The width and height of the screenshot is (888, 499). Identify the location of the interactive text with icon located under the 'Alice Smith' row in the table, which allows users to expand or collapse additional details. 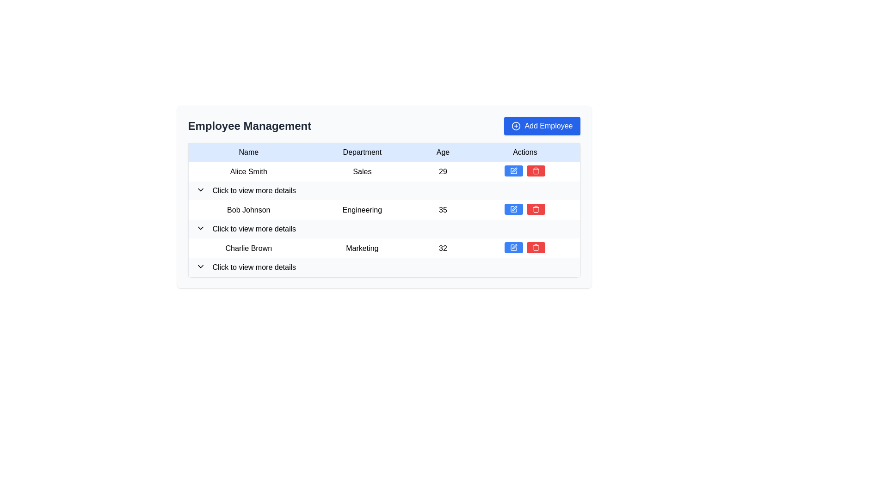
(384, 190).